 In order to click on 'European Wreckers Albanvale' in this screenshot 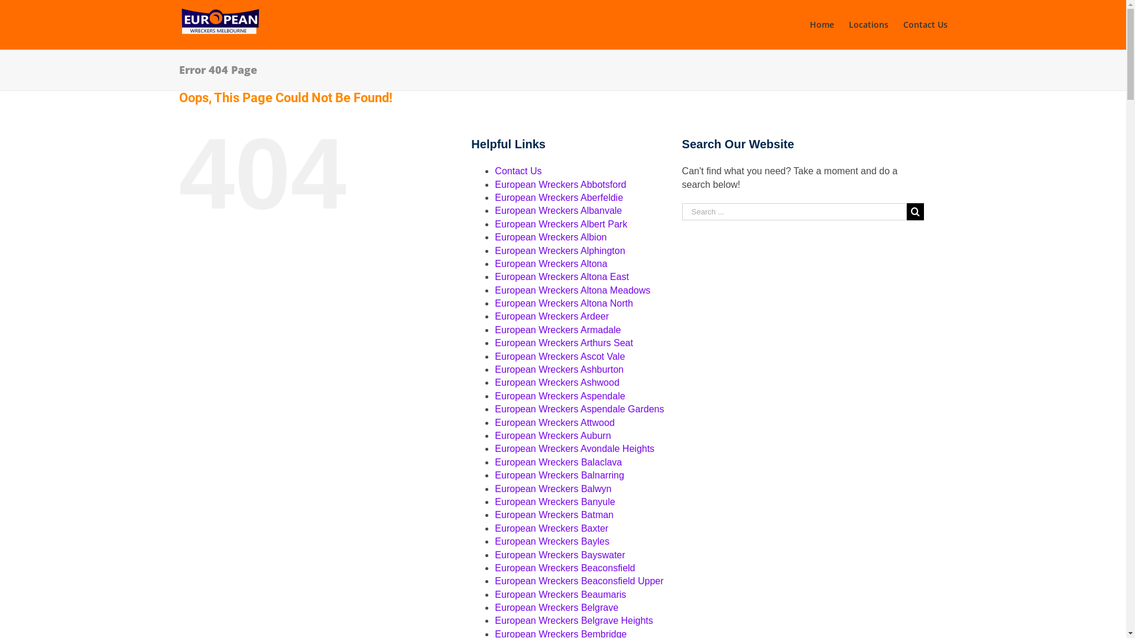, I will do `click(494, 210)`.